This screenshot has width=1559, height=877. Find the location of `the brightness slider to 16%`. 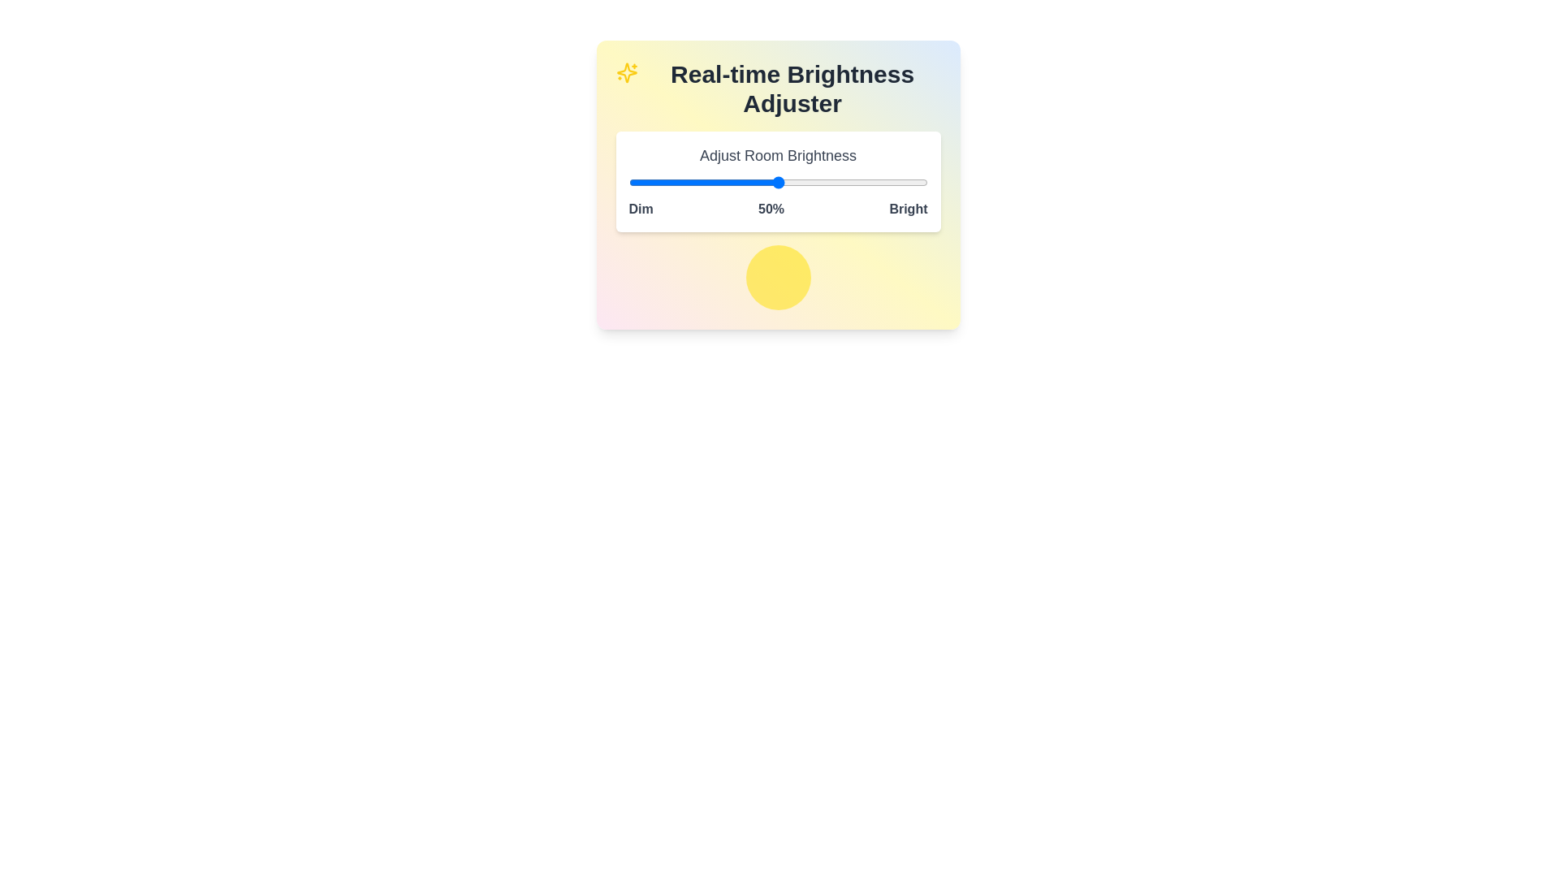

the brightness slider to 16% is located at coordinates (676, 182).